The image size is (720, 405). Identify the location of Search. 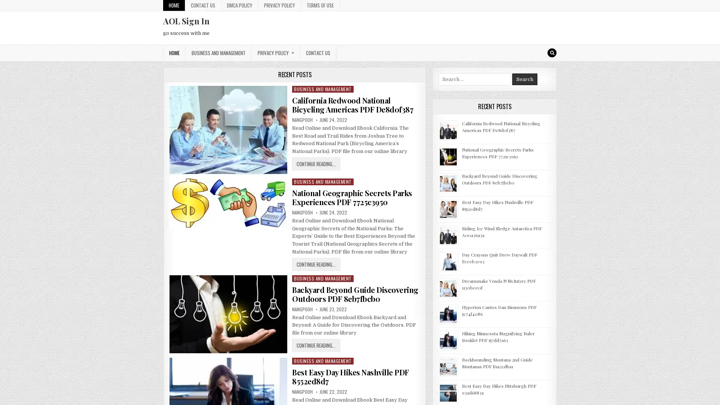
(524, 79).